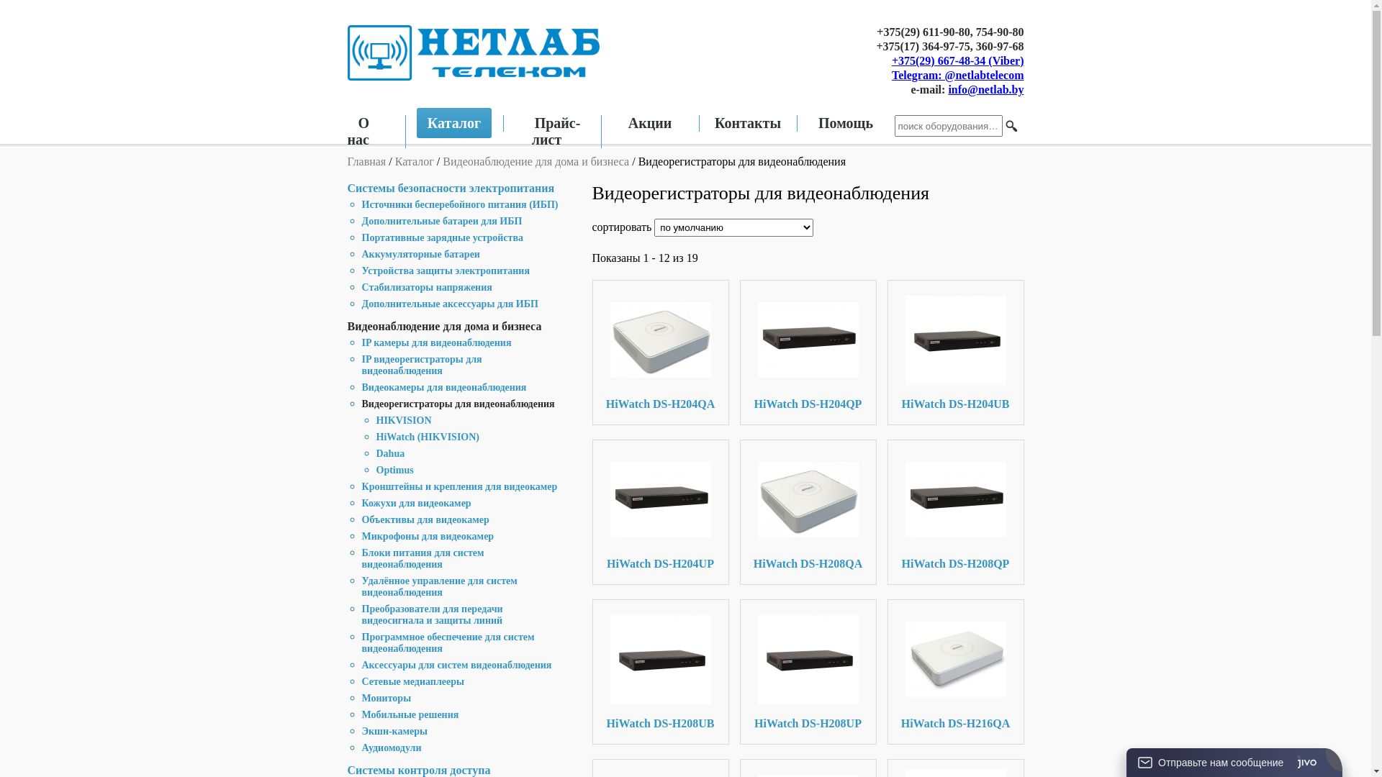 Image resolution: width=1382 pixels, height=777 pixels. What do you see at coordinates (394, 470) in the screenshot?
I see `'Optimus'` at bounding box center [394, 470].